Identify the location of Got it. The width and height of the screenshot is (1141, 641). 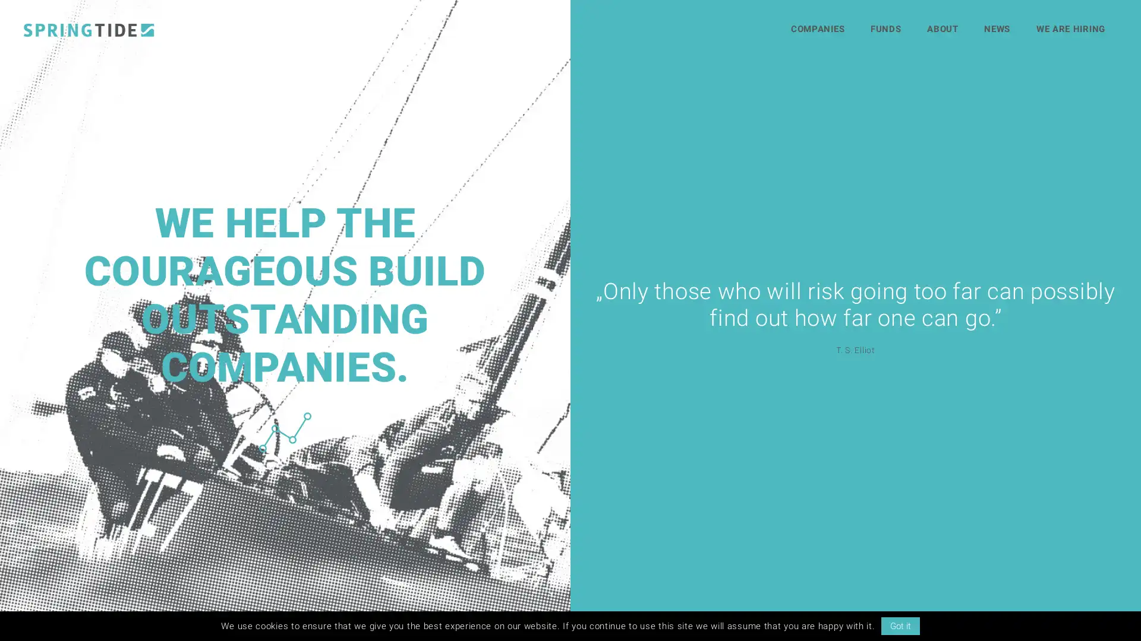
(900, 626).